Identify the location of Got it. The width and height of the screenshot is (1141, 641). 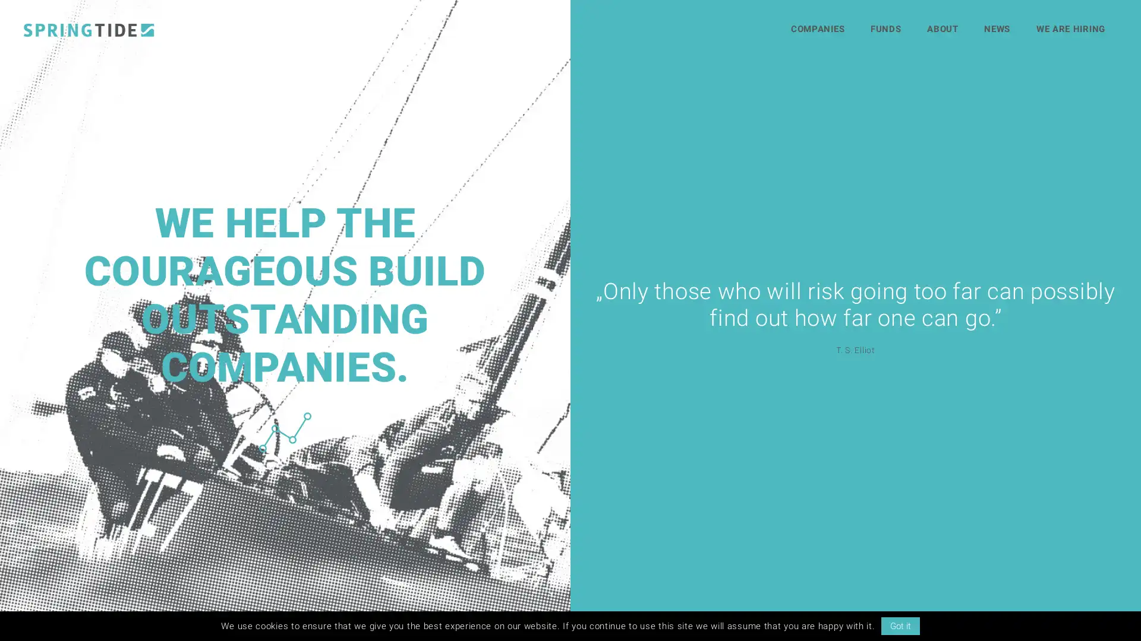
(900, 626).